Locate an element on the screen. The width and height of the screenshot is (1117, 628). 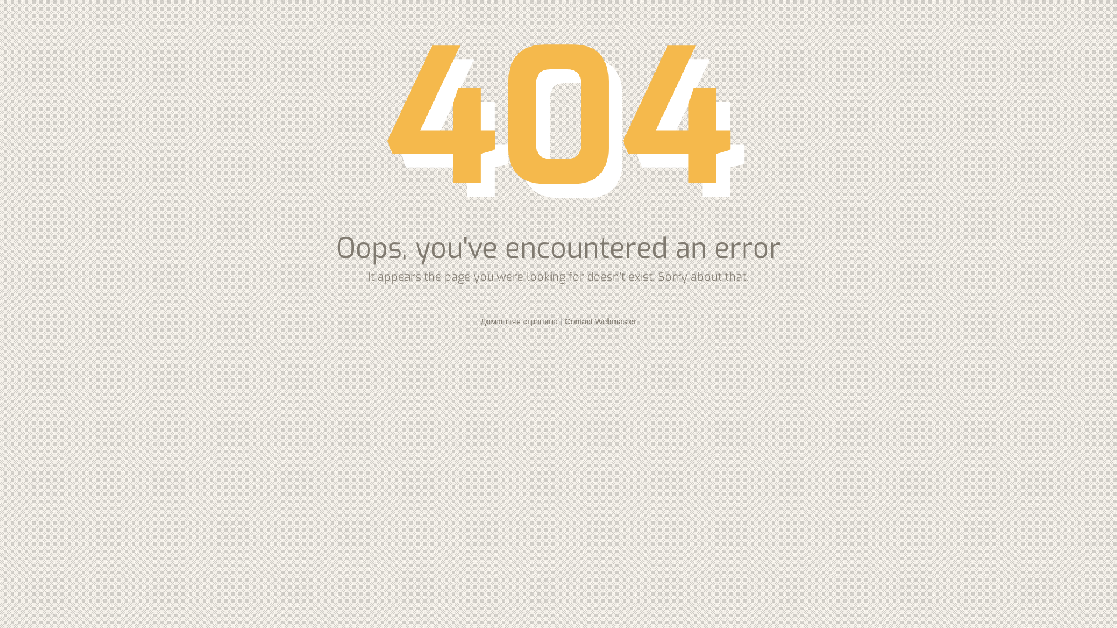
'Contact Webmaster' is located at coordinates (564, 321).